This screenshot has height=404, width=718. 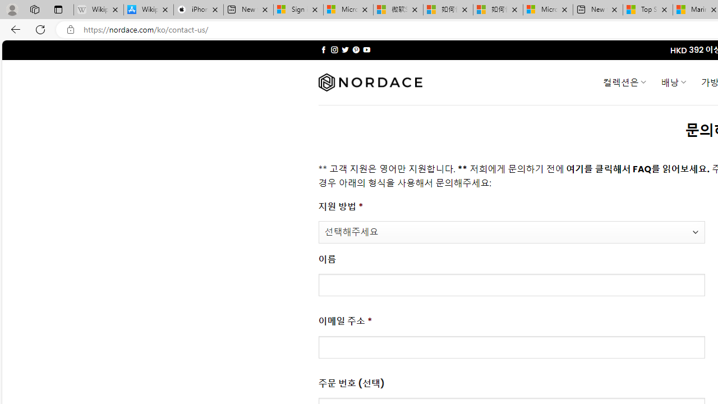 I want to click on 'Follow on Instagram', so click(x=334, y=49).